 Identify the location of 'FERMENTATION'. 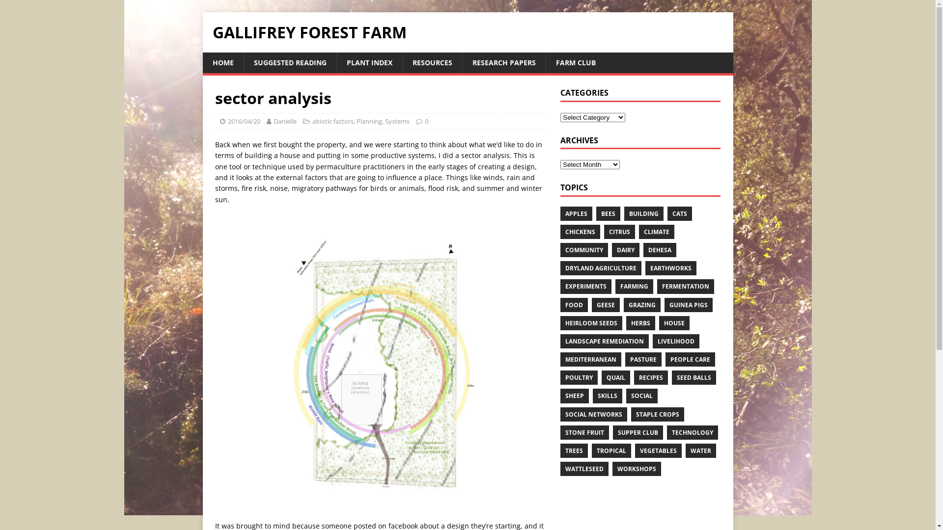
(685, 286).